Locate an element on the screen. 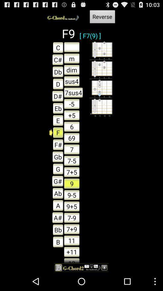 Image resolution: width=163 pixels, height=291 pixels. the icon below g# is located at coordinates (56, 193).